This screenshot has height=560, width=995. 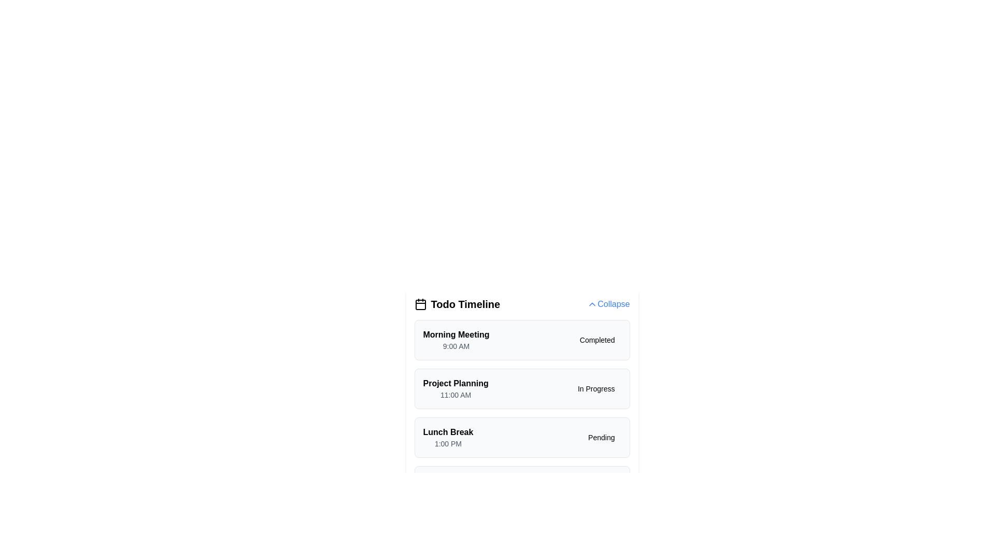 I want to click on the text label displaying '1:00 PM' located beneath the title 'Lunch Break' in the third item of the 'Todo Timeline.', so click(x=448, y=443).